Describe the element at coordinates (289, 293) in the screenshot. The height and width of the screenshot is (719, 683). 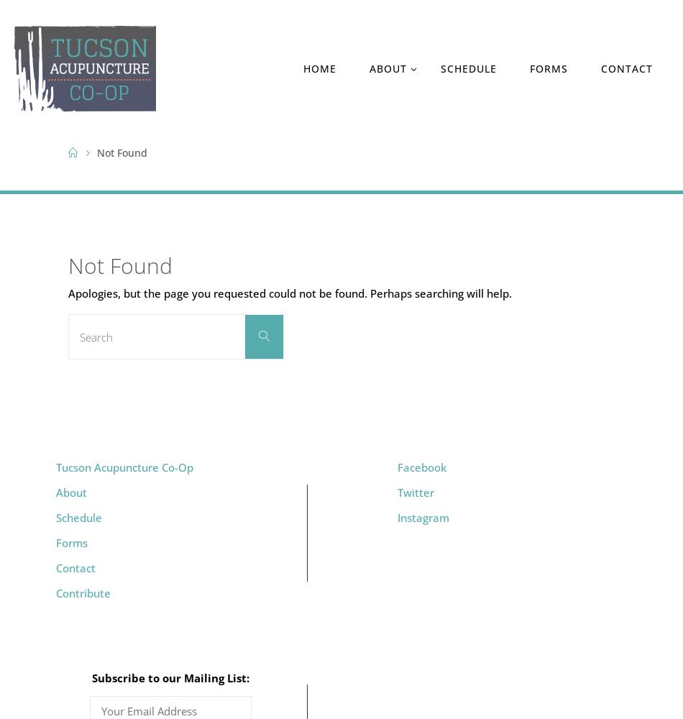
I see `'Apologies, but the page you requested could not be found. Perhaps searching will help.'` at that location.